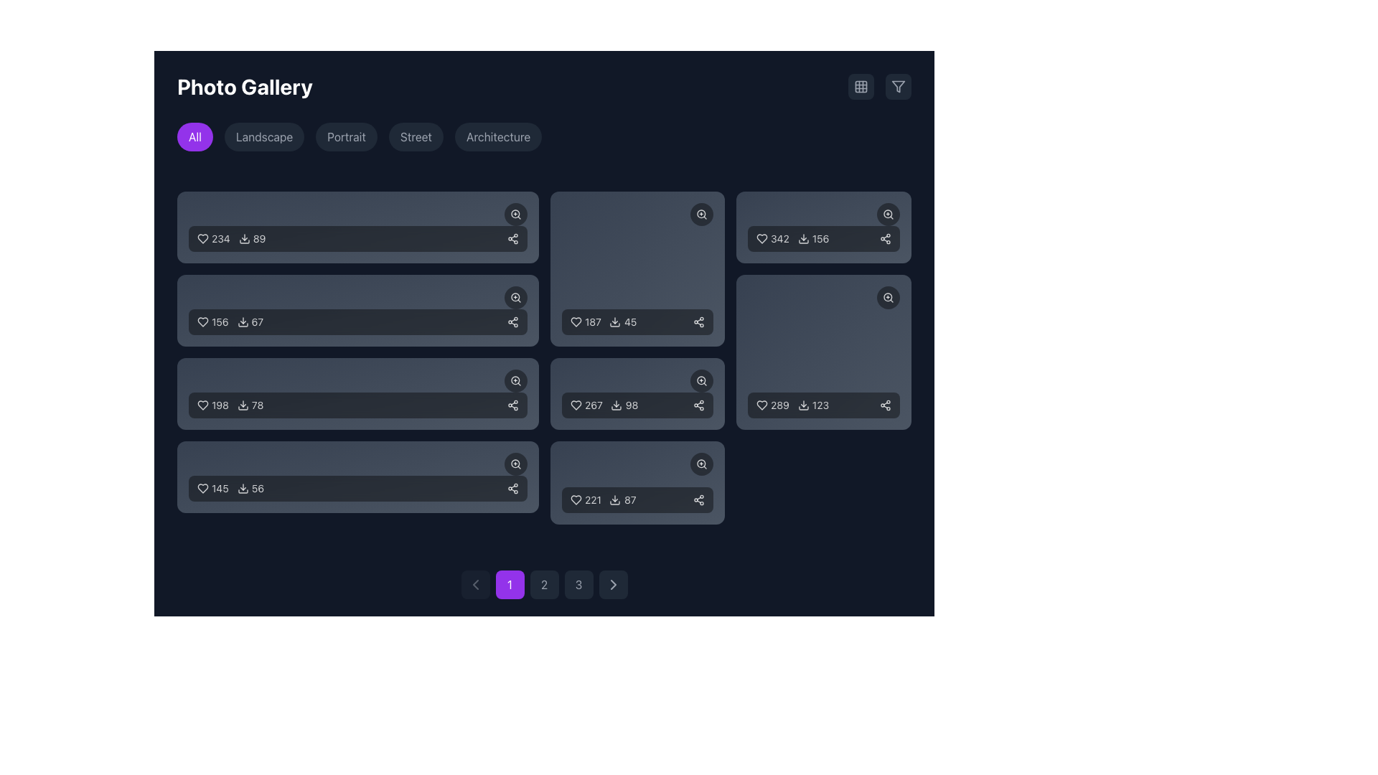 Image resolution: width=1378 pixels, height=775 pixels. I want to click on the downloadable icon with a downward arrow symbol located in the bottom-right corner of the content card containing the text '289' and '123', positioned to the left of '123', so click(804, 405).